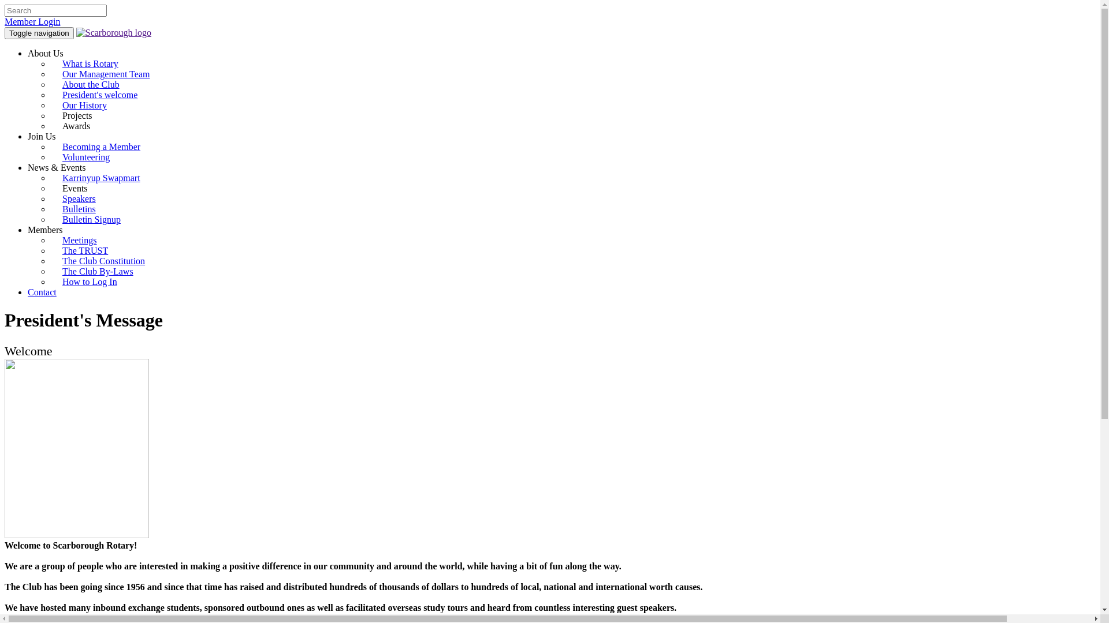  Describe the element at coordinates (91, 219) in the screenshot. I see `'Bulletin Signup'` at that location.